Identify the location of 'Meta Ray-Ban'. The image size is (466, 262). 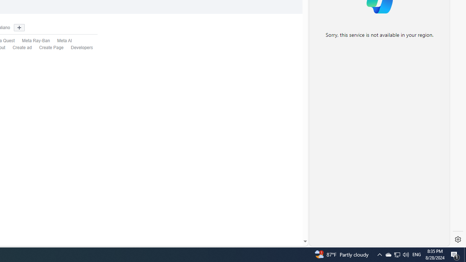
(32, 41).